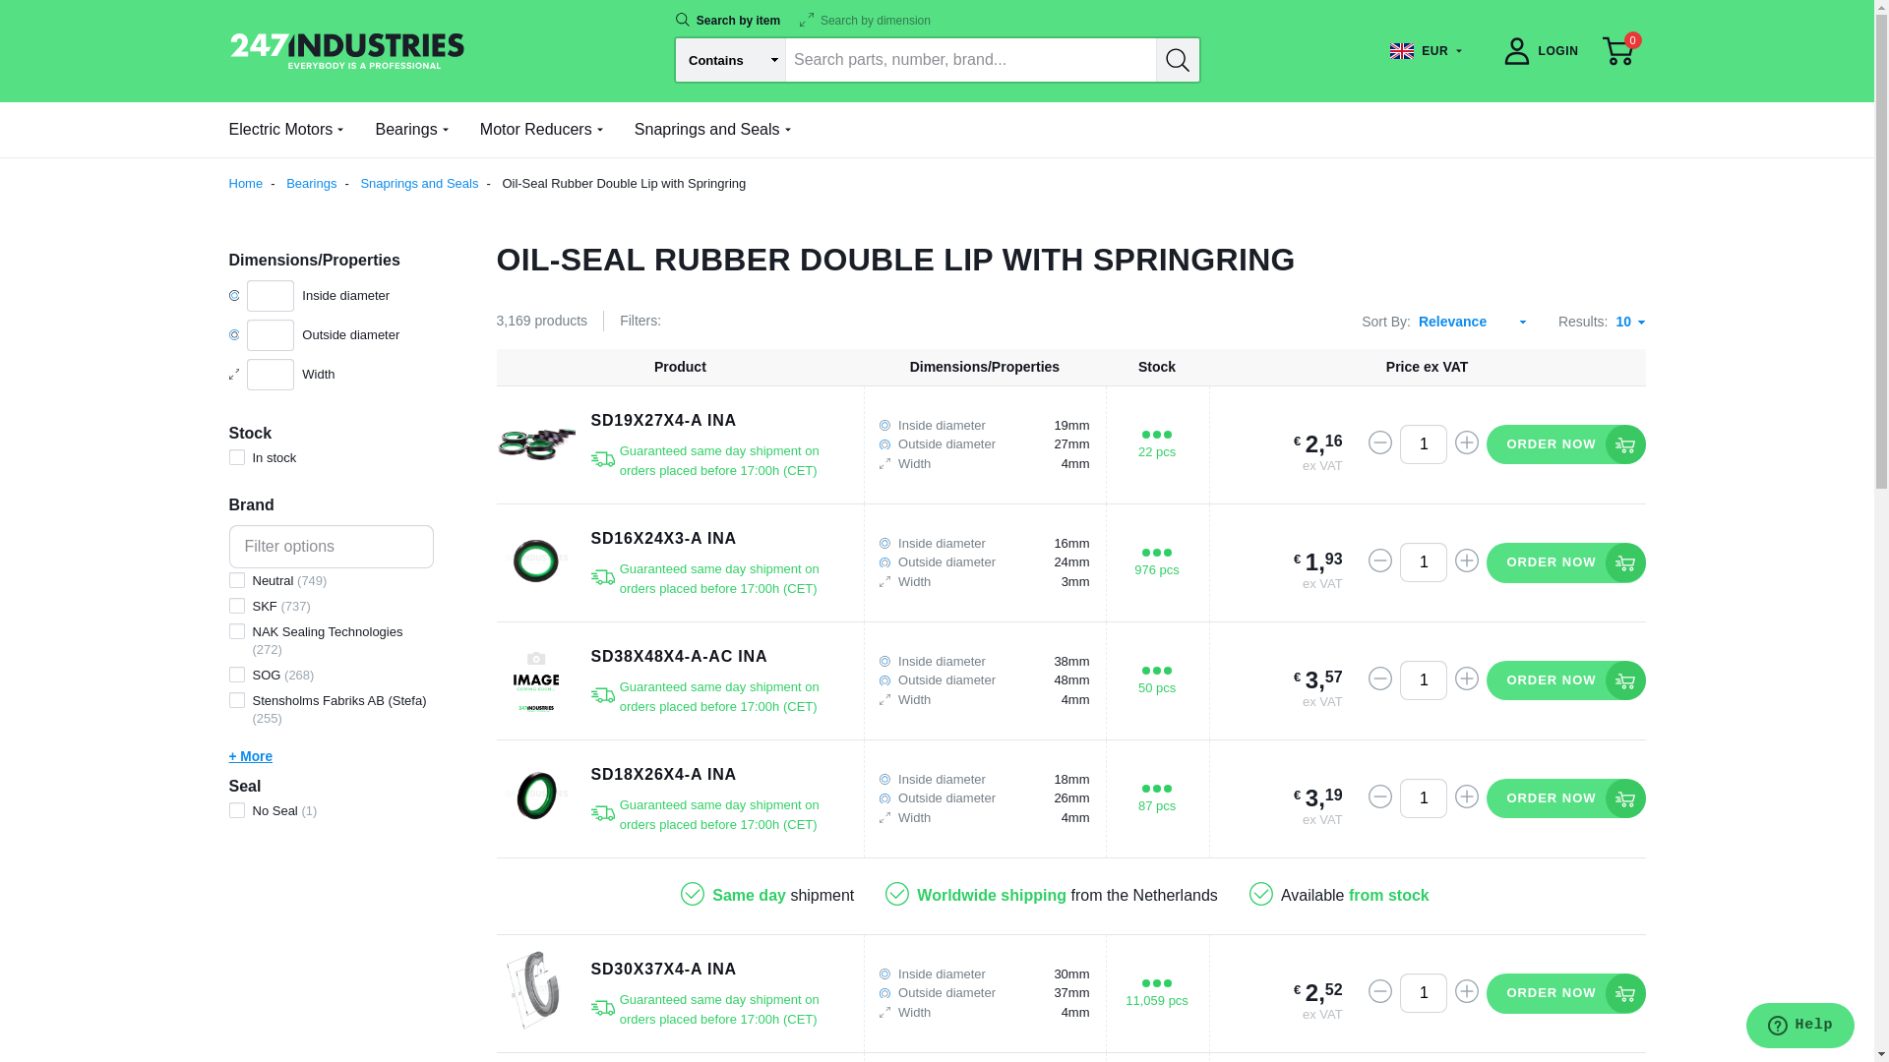 This screenshot has width=1889, height=1062. Describe the element at coordinates (331, 756) in the screenshot. I see `'+ More'` at that location.